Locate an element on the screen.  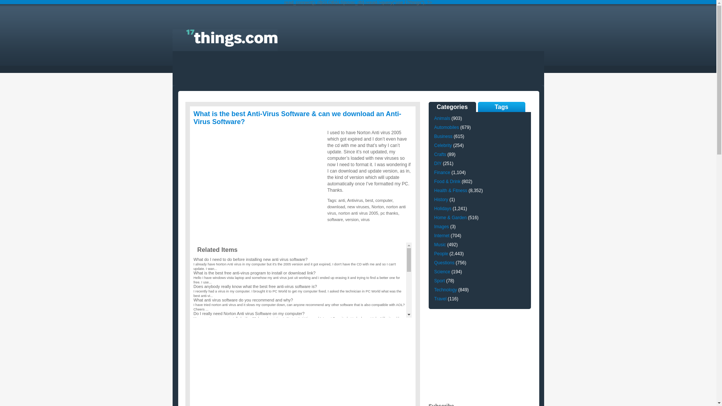
'Antivirus' is located at coordinates (355, 200).